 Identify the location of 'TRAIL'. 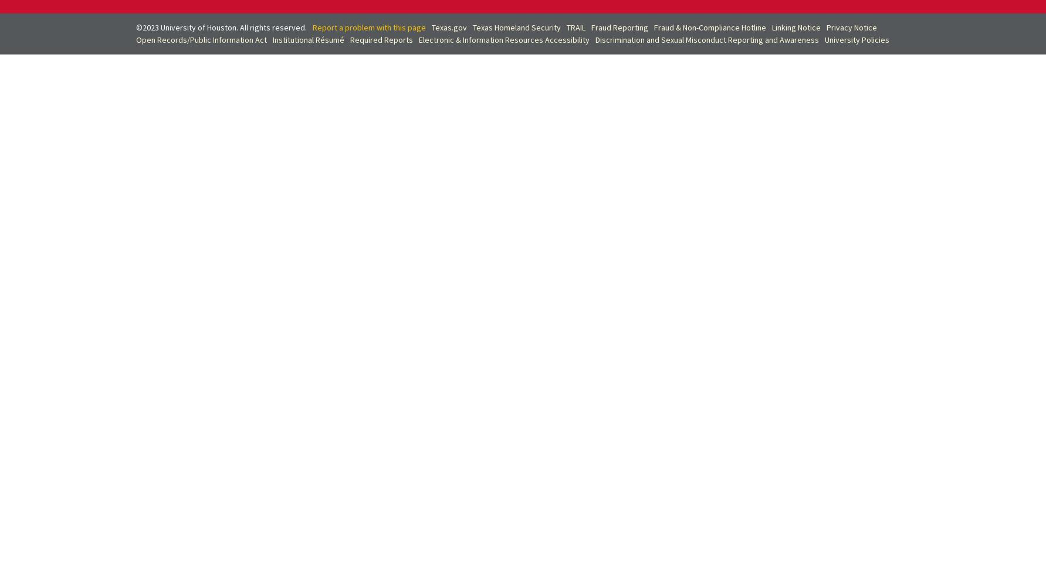
(565, 27).